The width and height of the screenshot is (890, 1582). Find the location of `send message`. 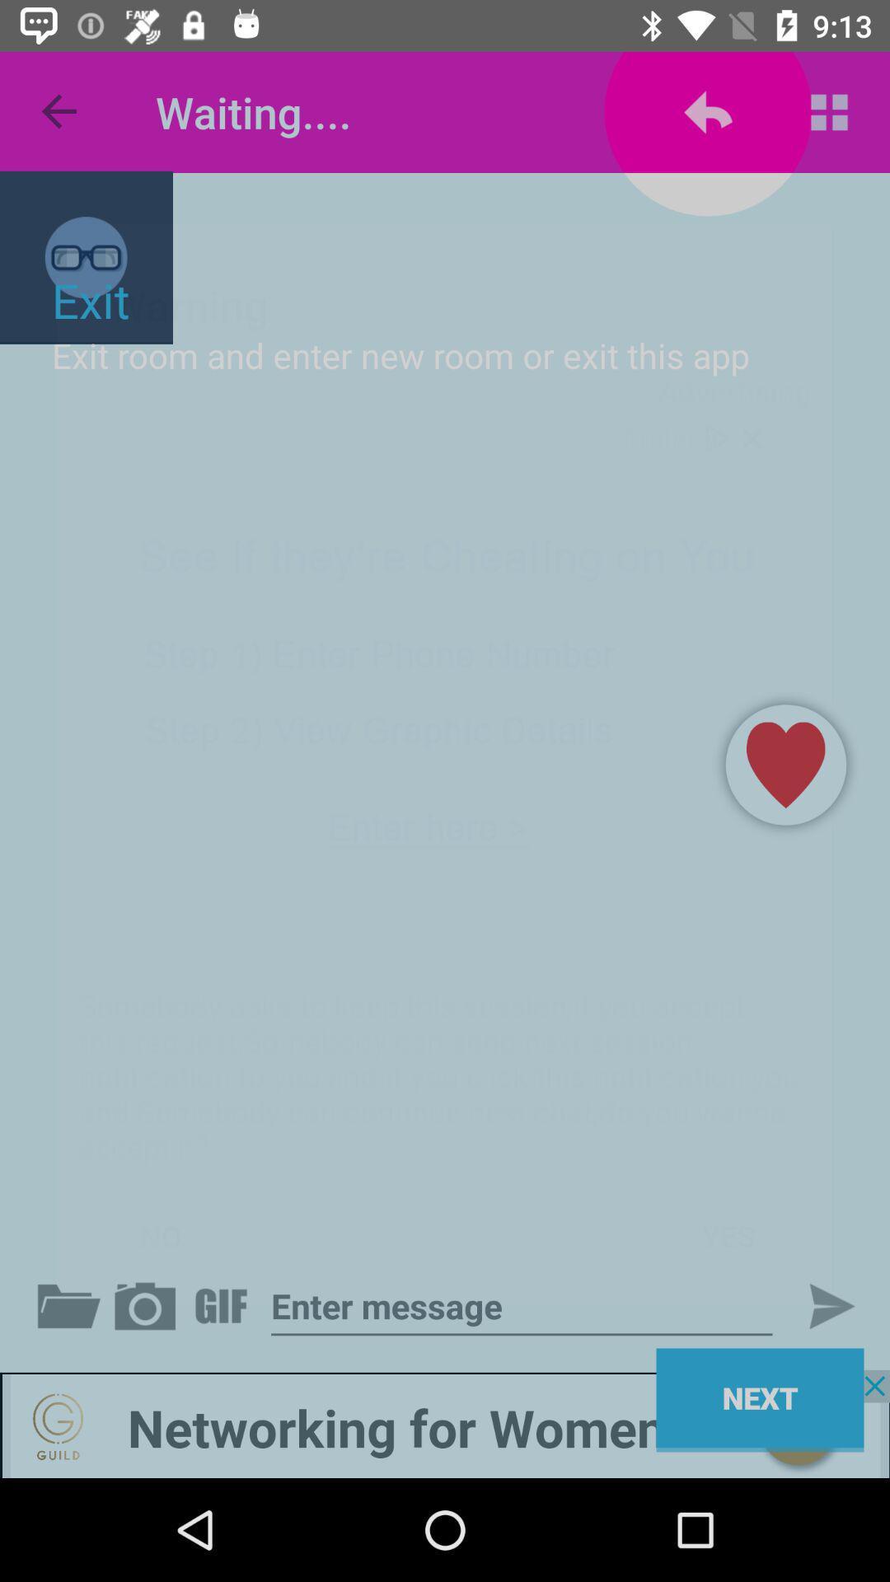

send message is located at coordinates (817, 1305).